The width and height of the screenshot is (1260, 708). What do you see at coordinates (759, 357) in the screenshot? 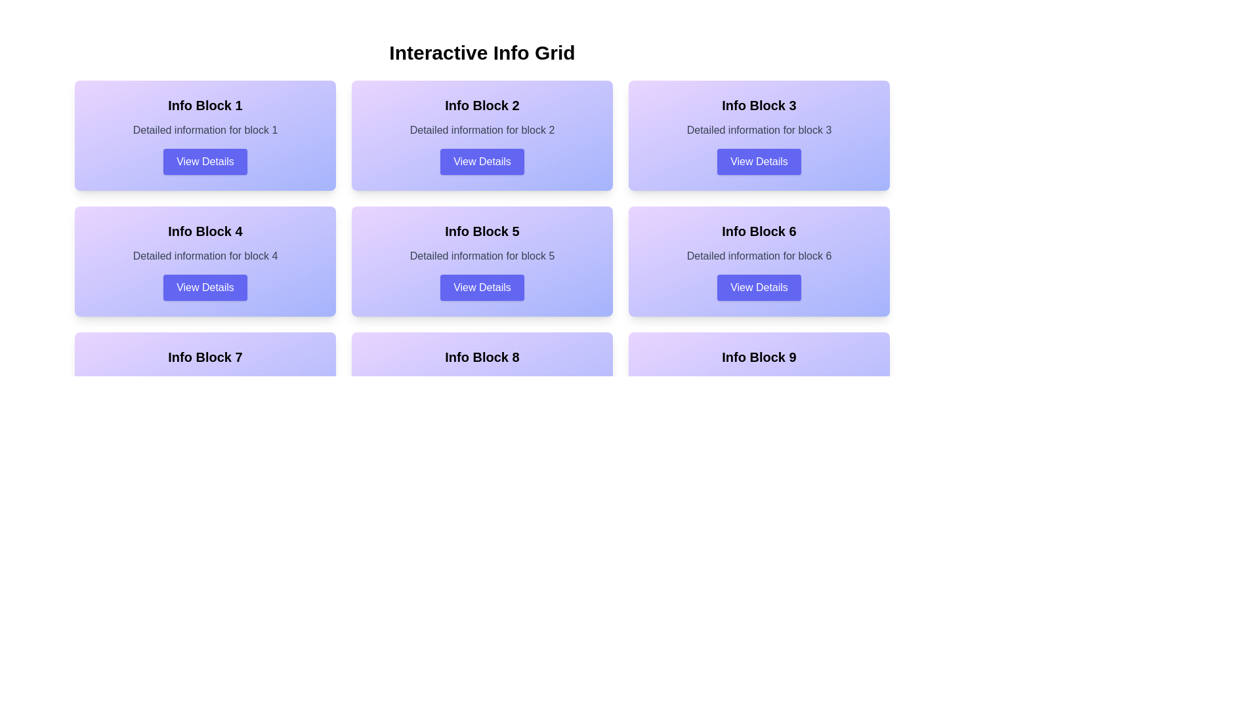
I see `the text label 'Info Block 9' which is styled with a bold font and is positioned at the upper region of its gradient background panel` at bounding box center [759, 357].